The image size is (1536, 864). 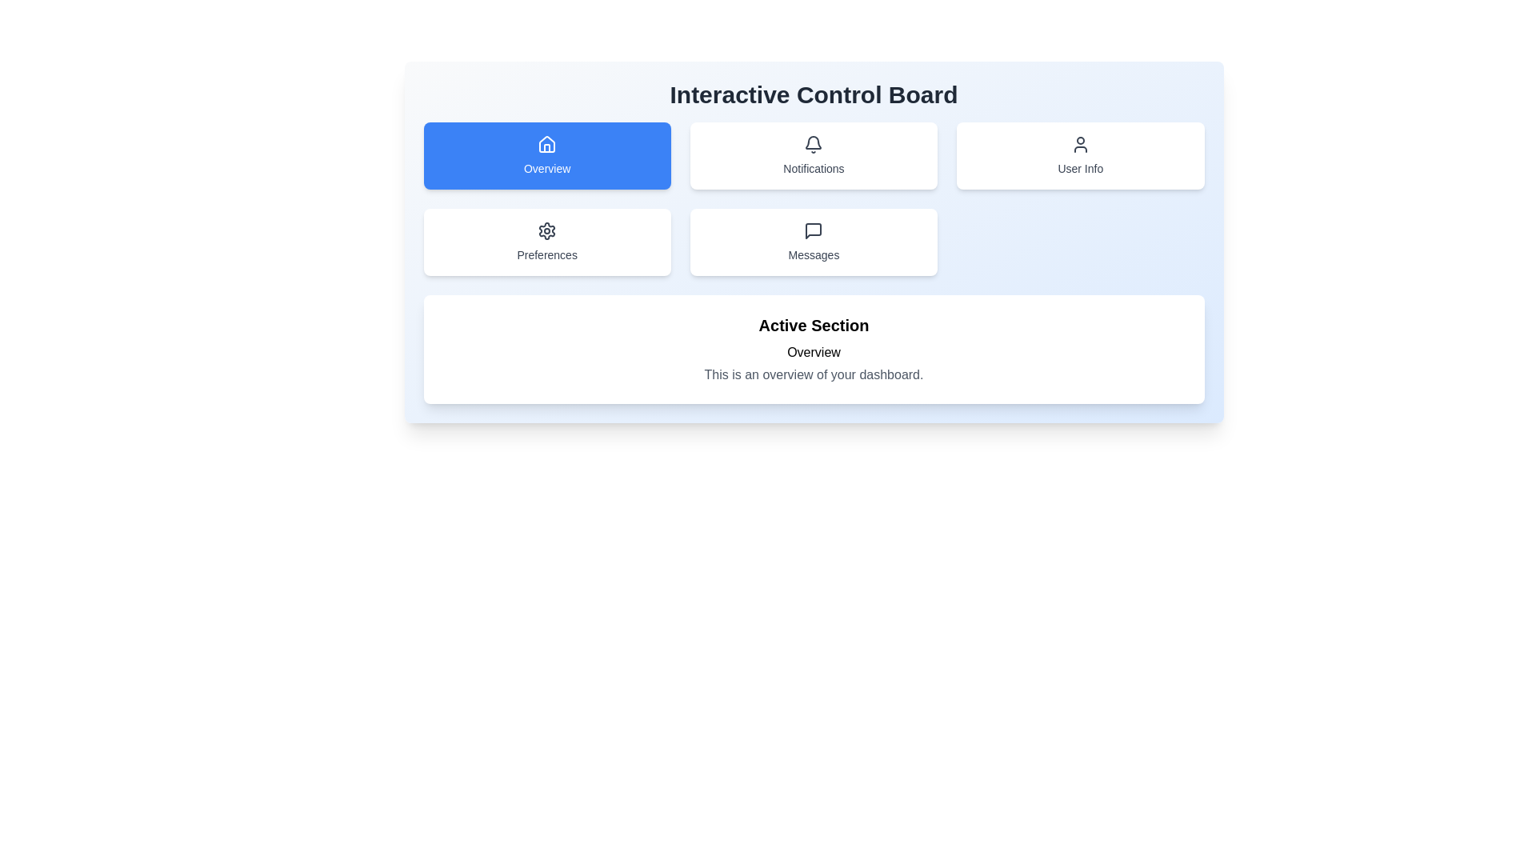 I want to click on the gear-shaped icon located centrally, so click(x=547, y=231).